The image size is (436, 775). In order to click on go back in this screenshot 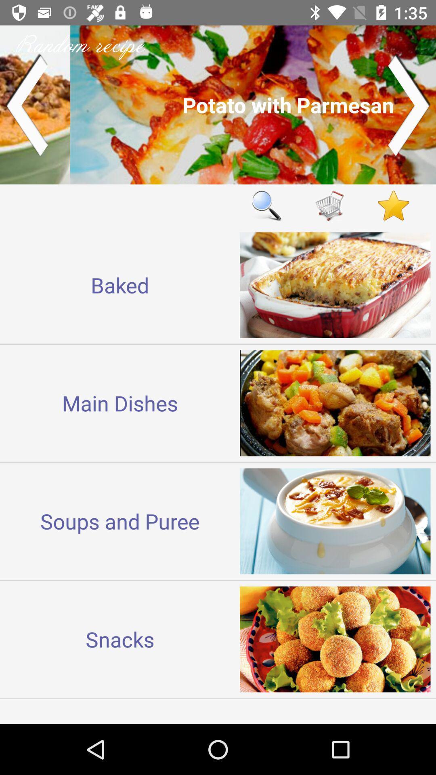, I will do `click(26, 104)`.